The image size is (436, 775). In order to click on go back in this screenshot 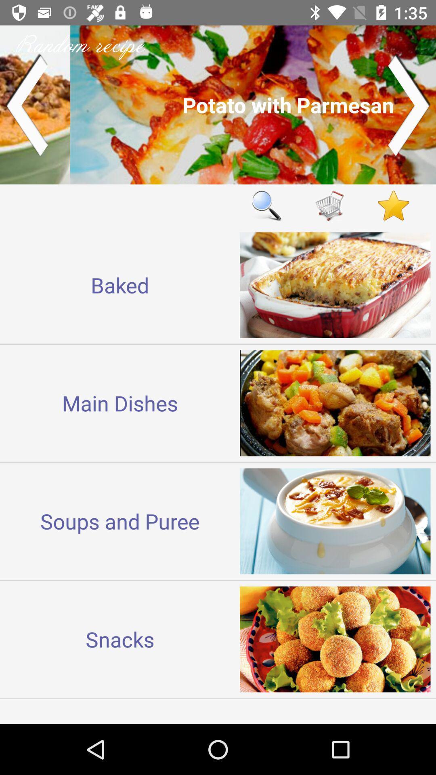, I will do `click(26, 104)`.